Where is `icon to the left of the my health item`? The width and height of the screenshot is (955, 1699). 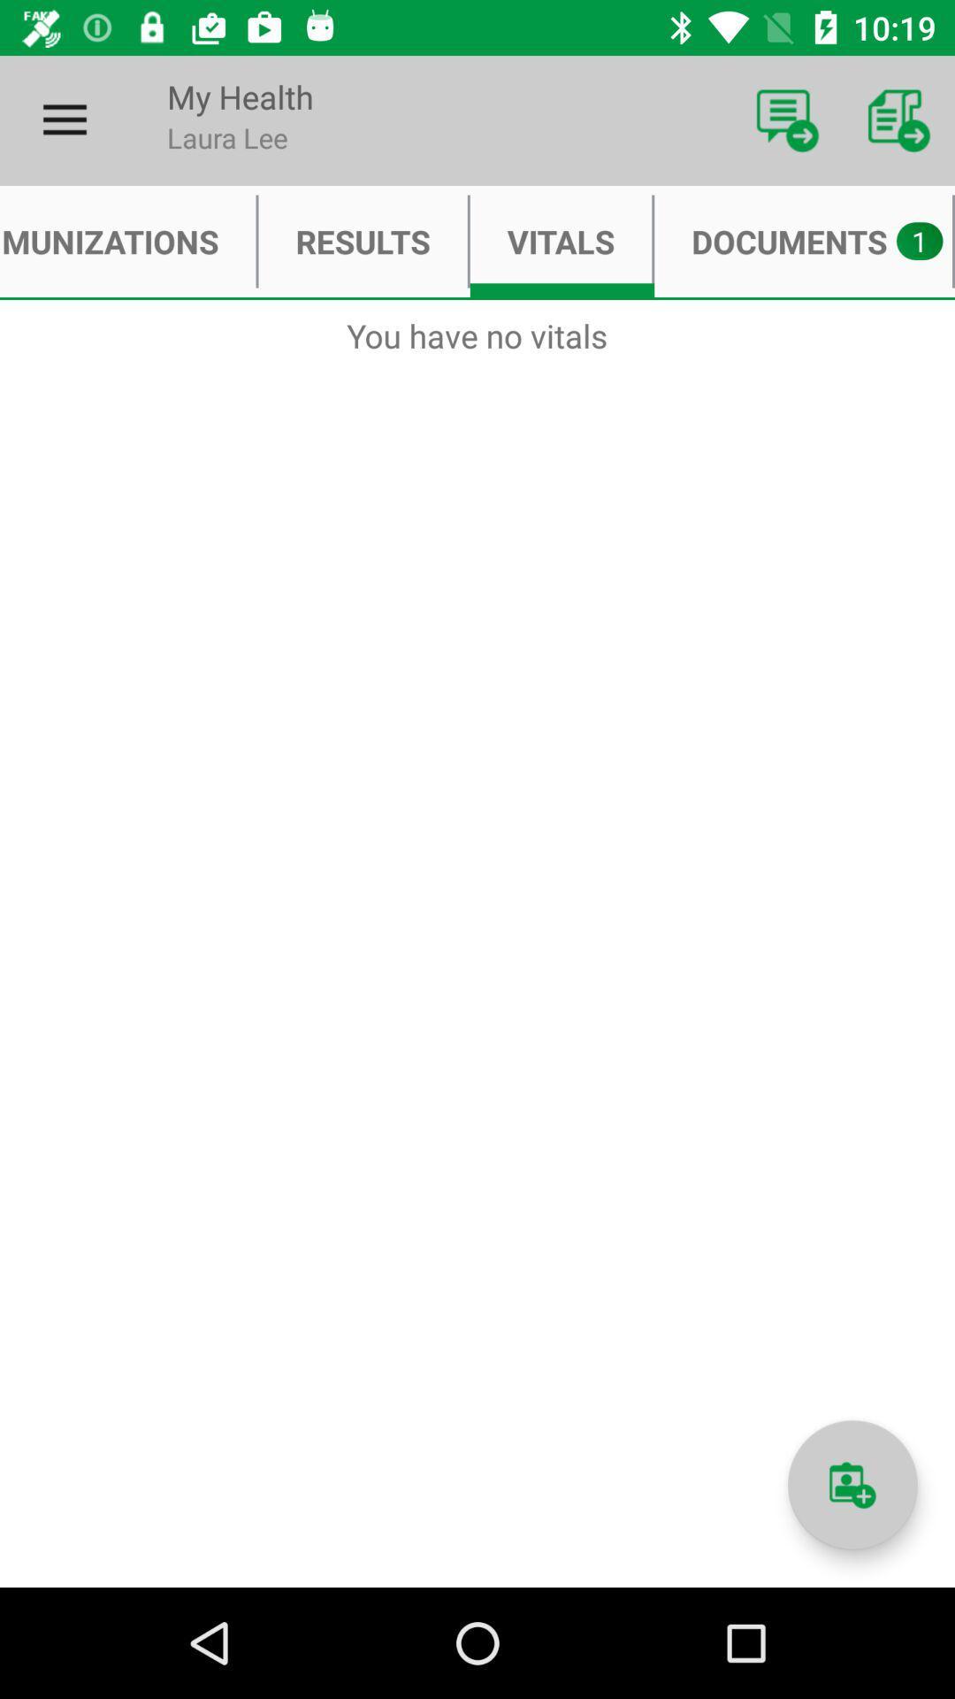
icon to the left of the my health item is located at coordinates (64, 119).